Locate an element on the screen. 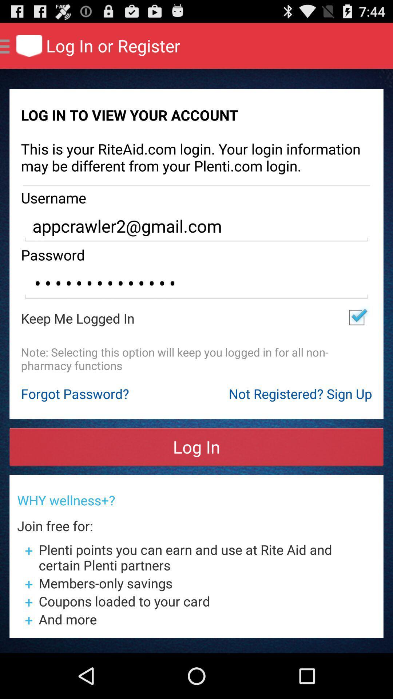 The height and width of the screenshot is (699, 393). not registered sign item is located at coordinates (300, 393).